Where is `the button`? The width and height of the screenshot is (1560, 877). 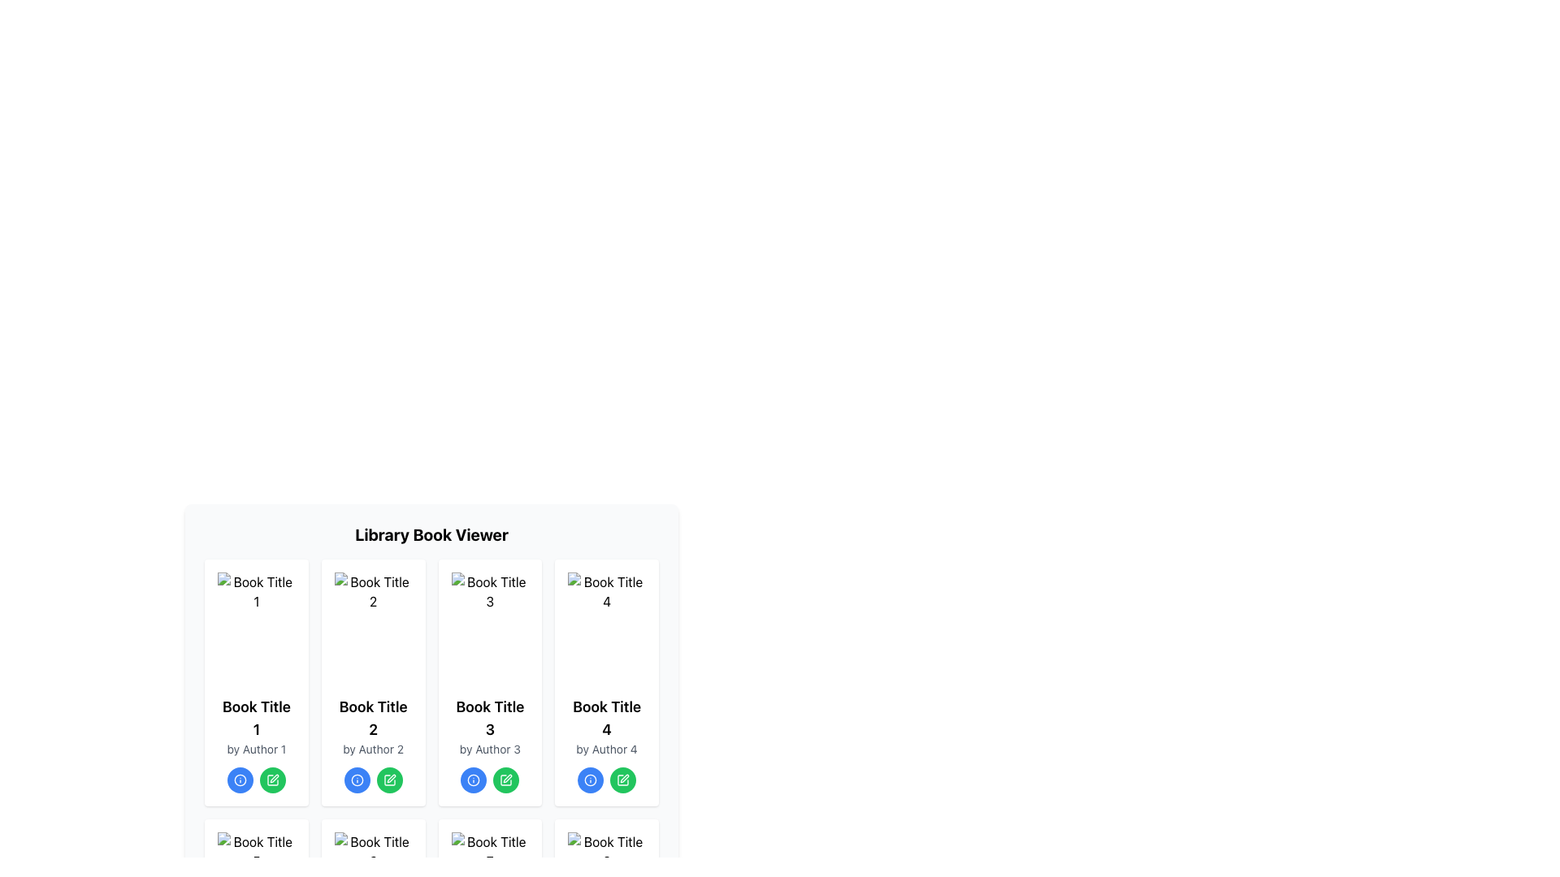
the button is located at coordinates (356, 779).